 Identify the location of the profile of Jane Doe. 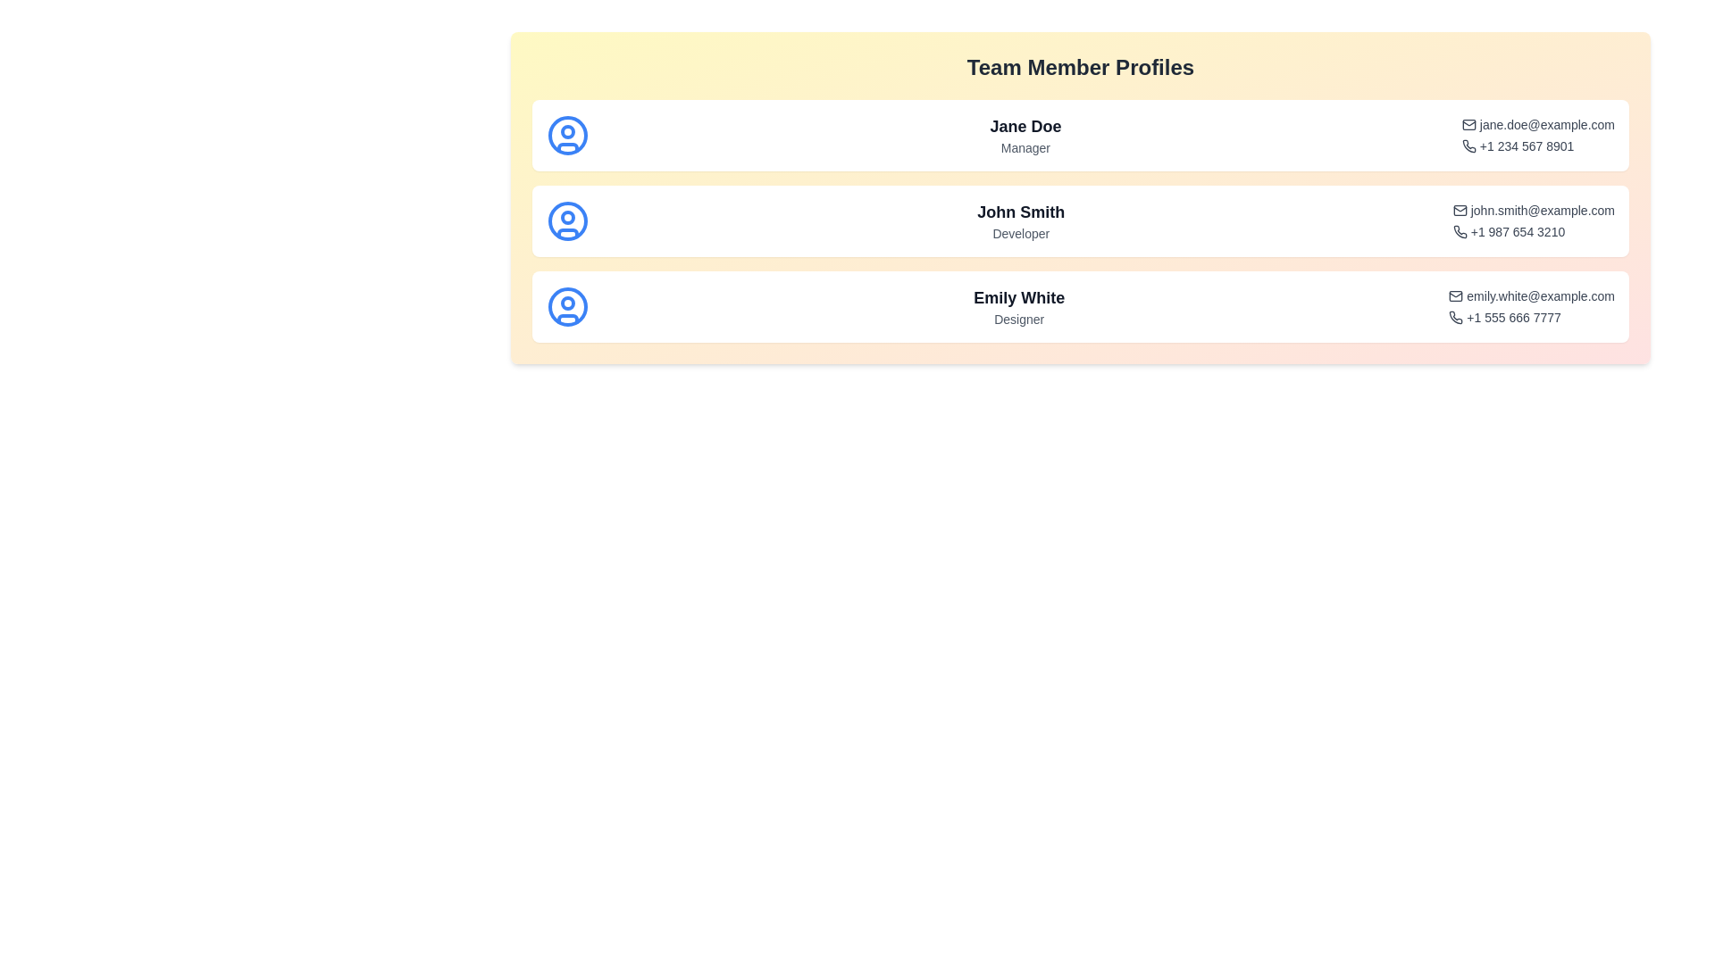
(1079, 134).